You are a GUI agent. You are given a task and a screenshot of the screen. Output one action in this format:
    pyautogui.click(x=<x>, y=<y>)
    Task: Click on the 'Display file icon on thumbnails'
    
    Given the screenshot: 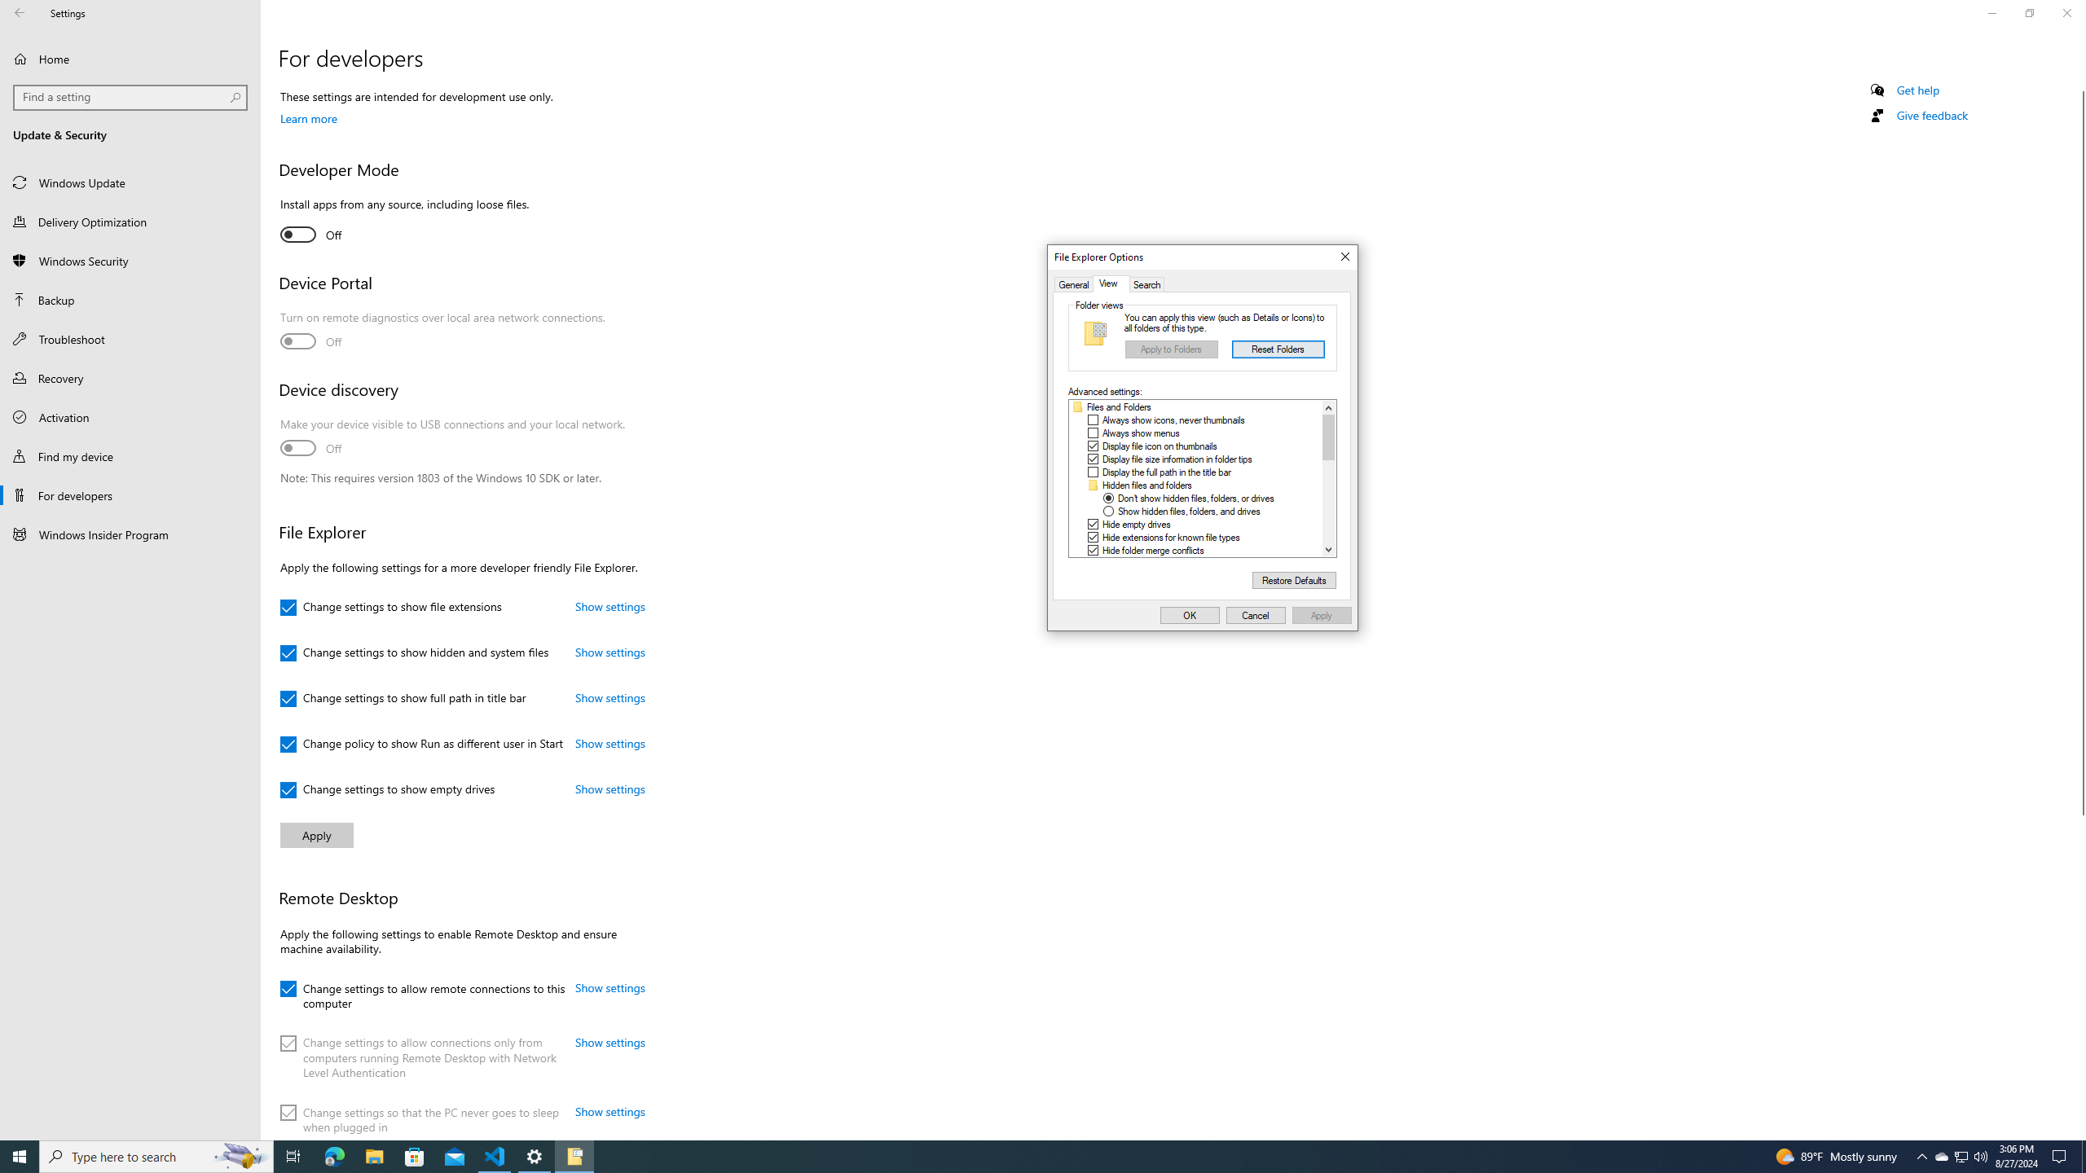 What is the action you would take?
    pyautogui.click(x=1159, y=446)
    